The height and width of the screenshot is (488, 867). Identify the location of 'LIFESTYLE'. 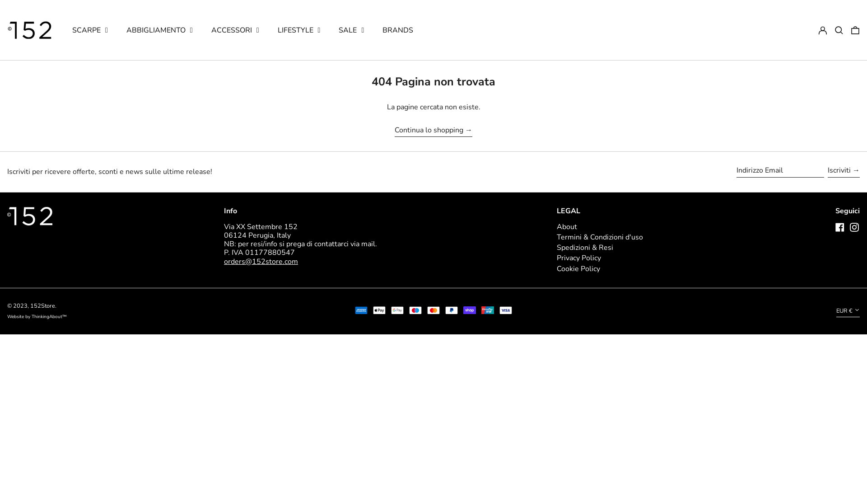
(299, 29).